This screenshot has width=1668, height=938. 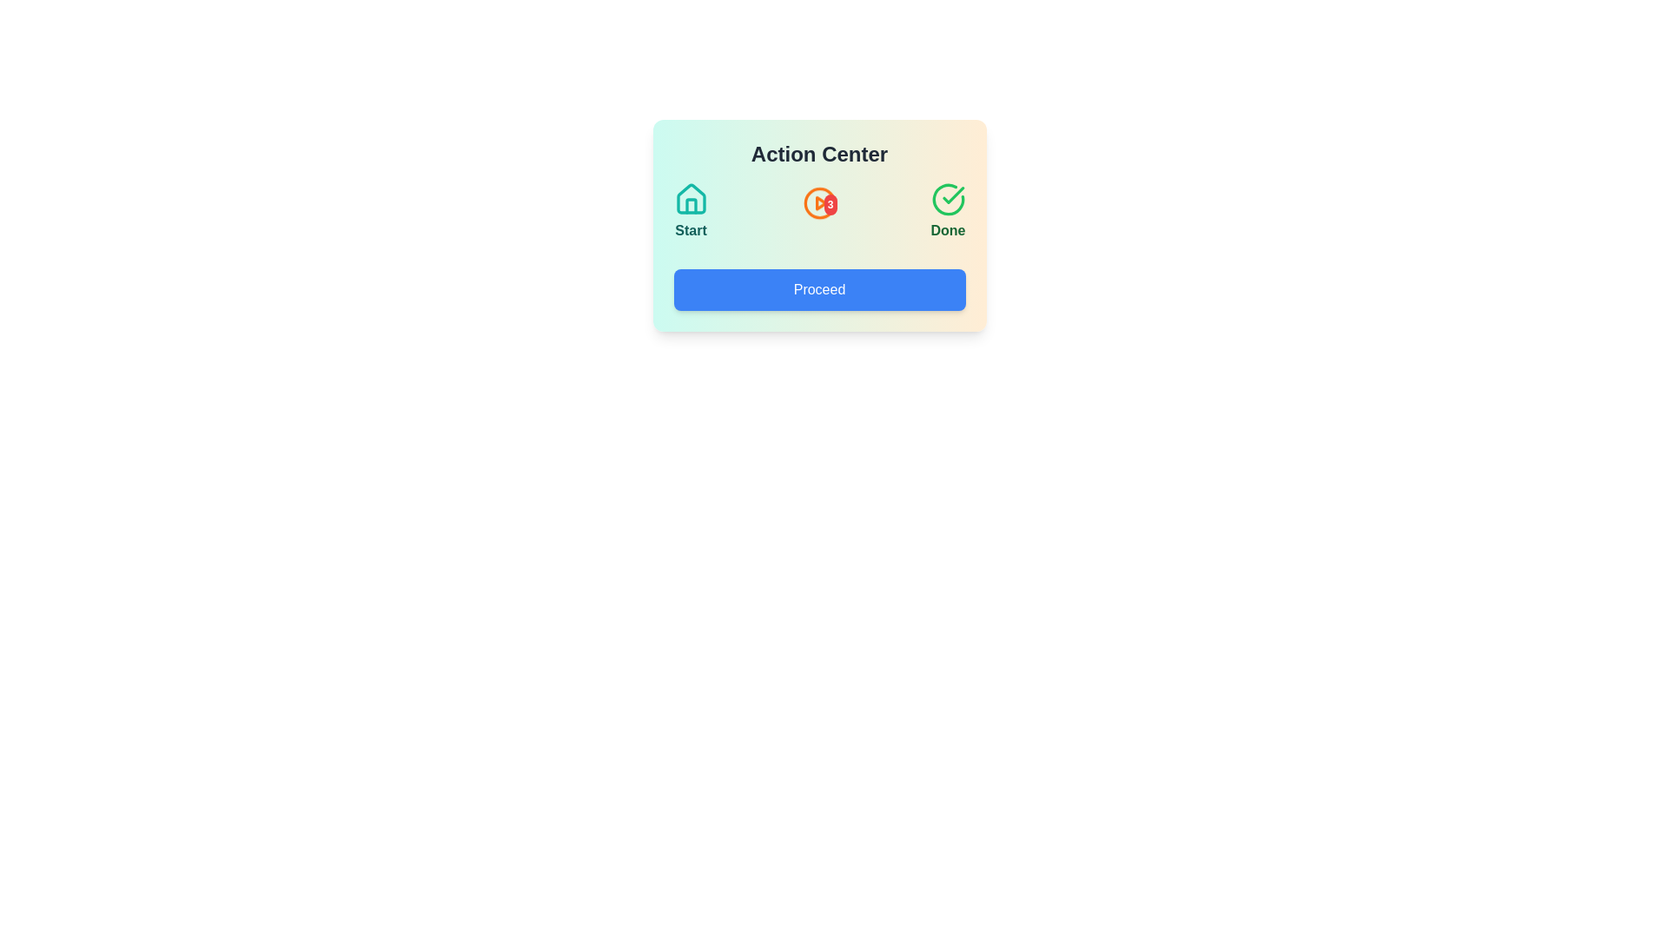 I want to click on assistive technologies, so click(x=690, y=198).